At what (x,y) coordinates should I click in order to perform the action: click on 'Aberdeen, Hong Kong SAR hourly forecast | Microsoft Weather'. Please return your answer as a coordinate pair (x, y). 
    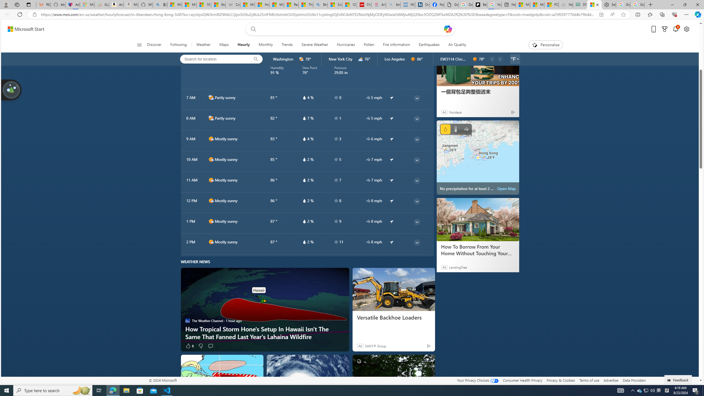
    Looking at the image, I should click on (594, 4).